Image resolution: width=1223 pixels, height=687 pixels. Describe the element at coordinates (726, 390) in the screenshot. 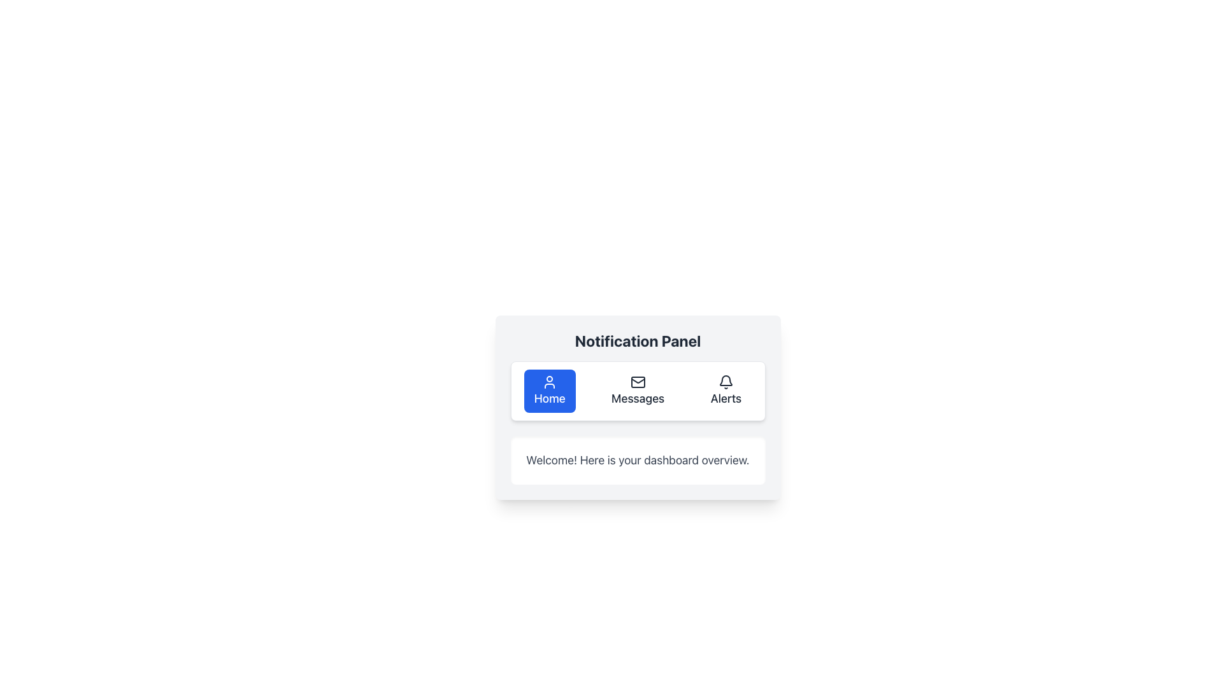

I see `the 'Alerts' button, which is styled as a vertical stack of a bell icon and the text label 'Alerts', located in the Notification Panel` at that location.